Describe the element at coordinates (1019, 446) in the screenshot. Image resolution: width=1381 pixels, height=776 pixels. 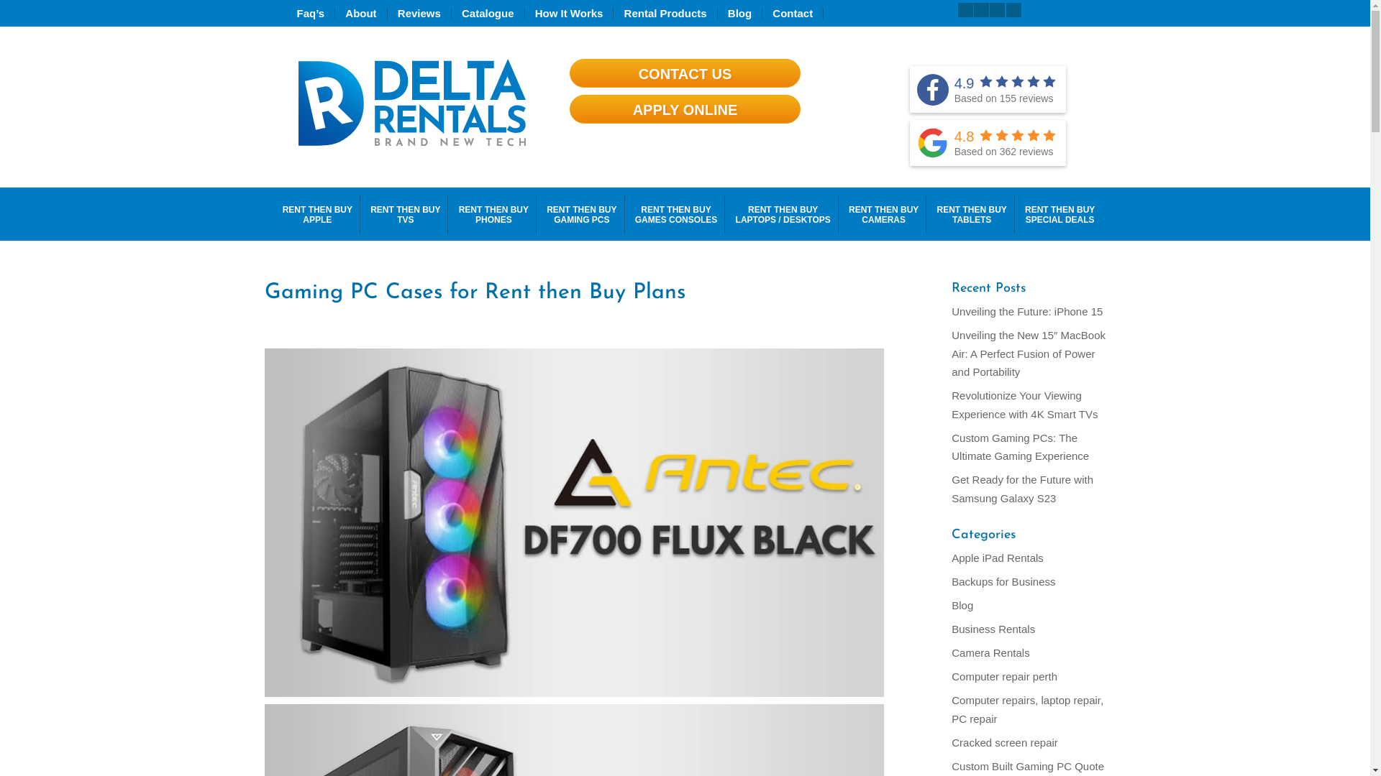
I see `'Custom Gaming PCs: The Ultimate Gaming Experience'` at that location.